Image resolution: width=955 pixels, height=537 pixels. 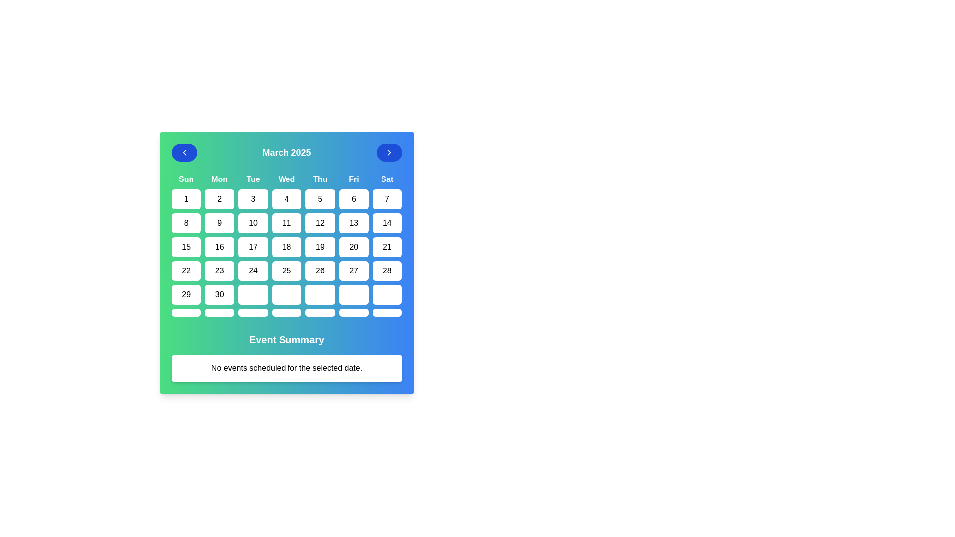 What do you see at coordinates (219, 222) in the screenshot?
I see `the button representing the 9th day of the month in the calendar grid, located below 'Mon' in the second row and second column` at bounding box center [219, 222].